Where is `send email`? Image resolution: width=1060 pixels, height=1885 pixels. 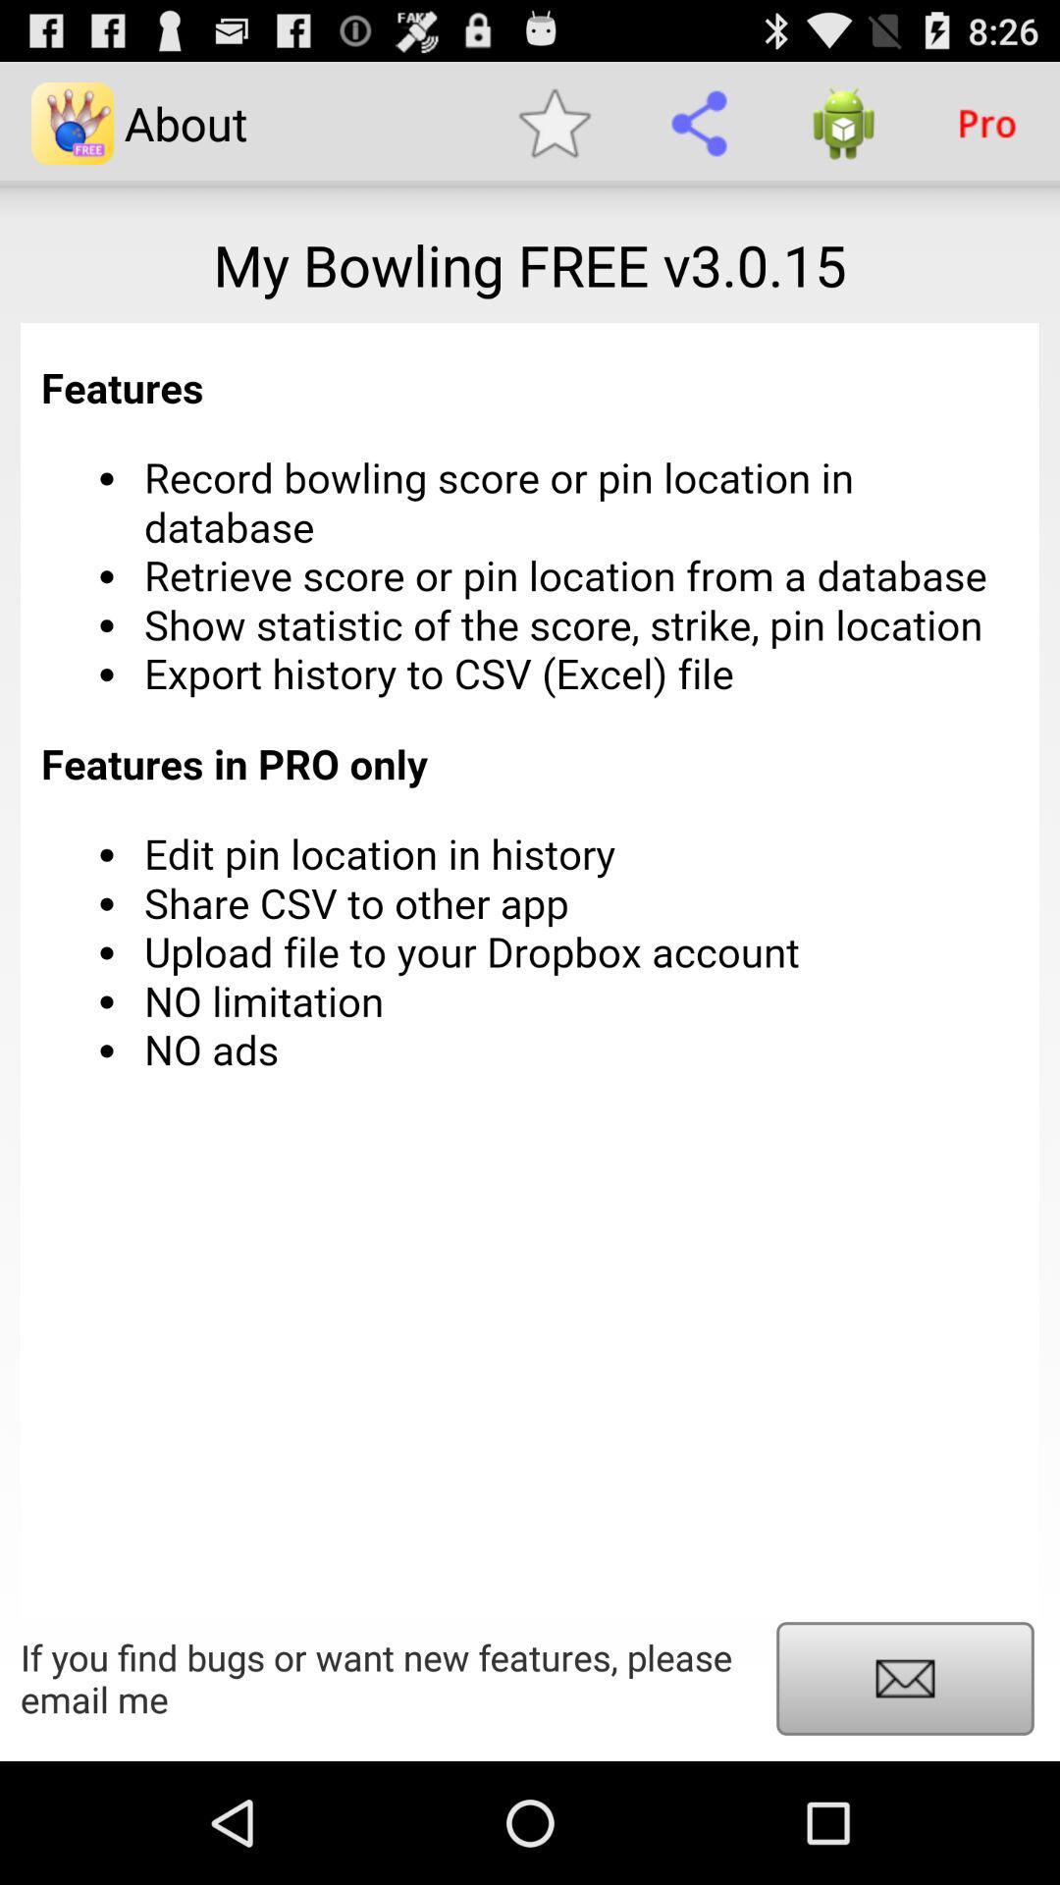
send email is located at coordinates (905, 1677).